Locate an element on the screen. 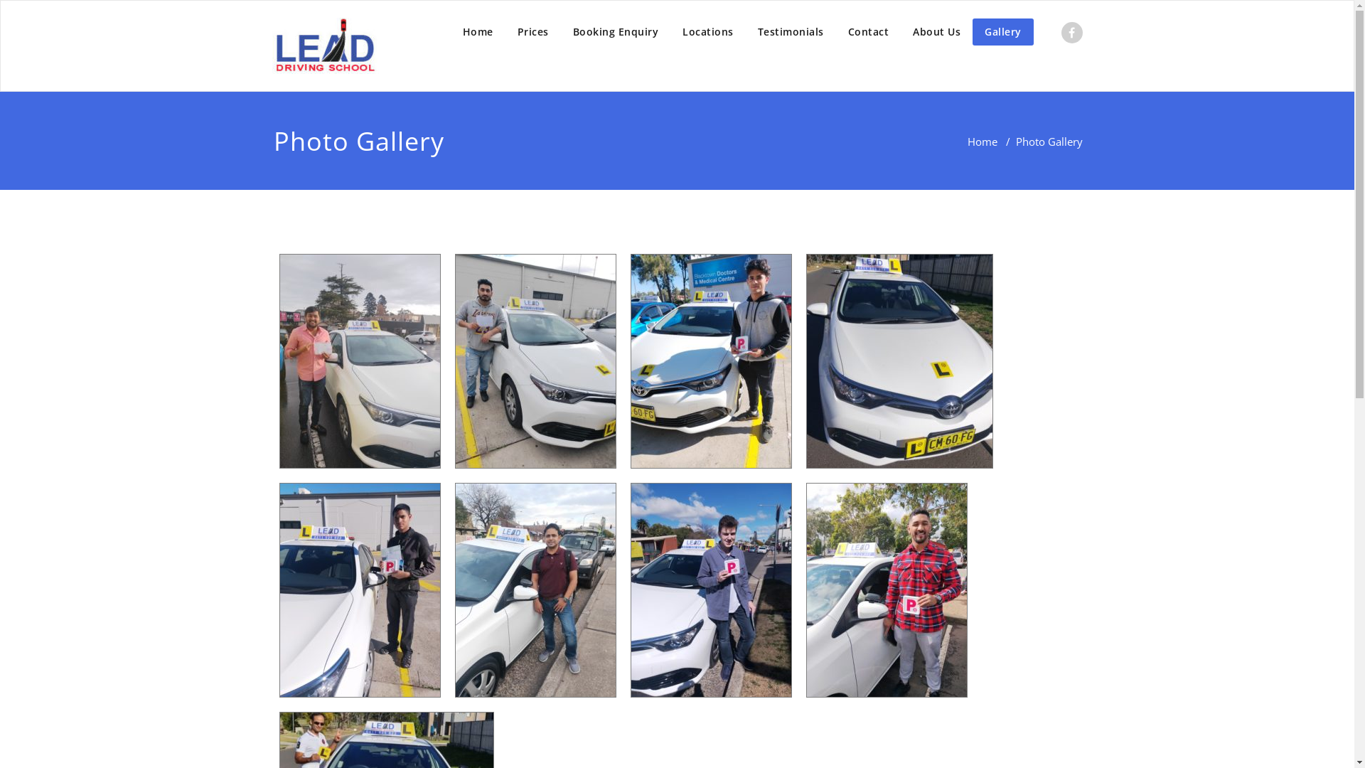  'Gallery' is located at coordinates (1002, 32).